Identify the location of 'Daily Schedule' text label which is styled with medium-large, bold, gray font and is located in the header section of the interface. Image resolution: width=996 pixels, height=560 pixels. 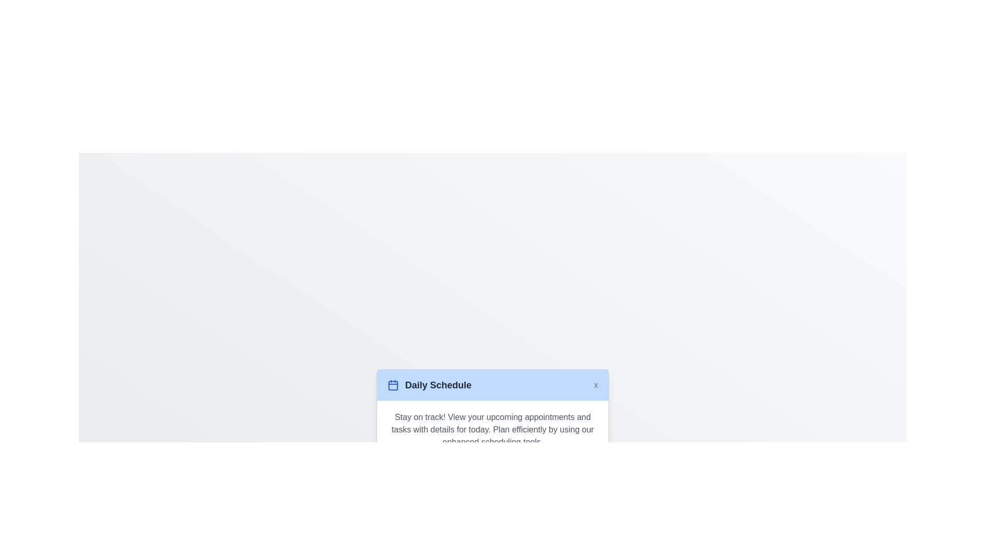
(438, 385).